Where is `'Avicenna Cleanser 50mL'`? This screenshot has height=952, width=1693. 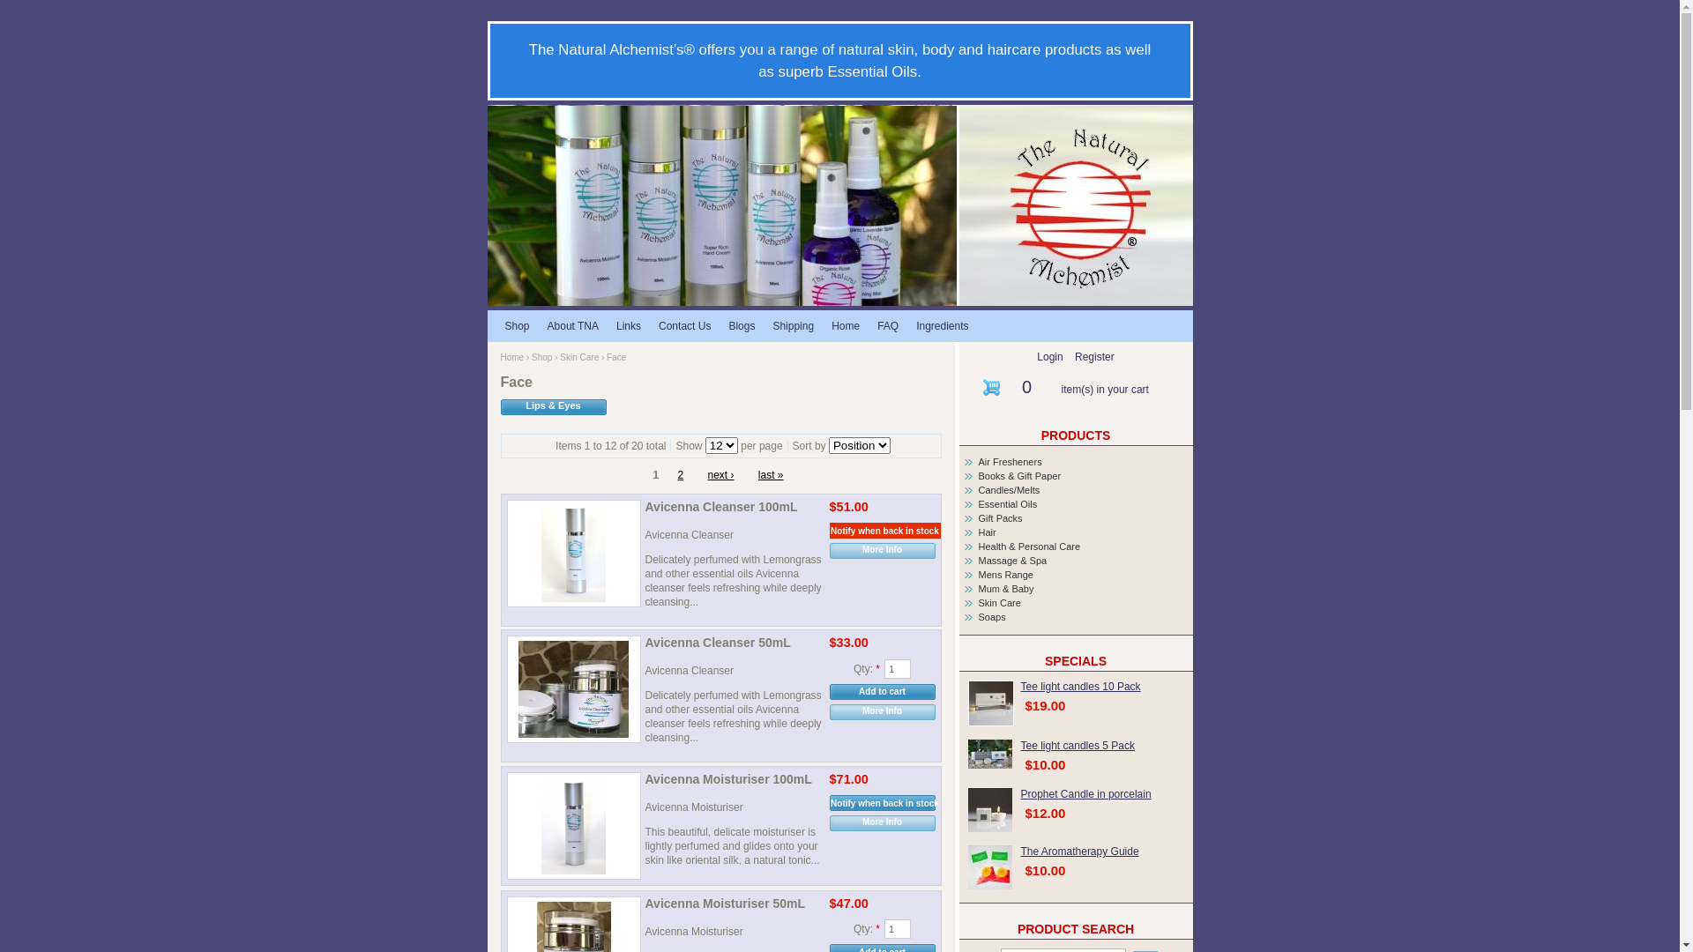
'Avicenna Cleanser 50mL' is located at coordinates (734, 644).